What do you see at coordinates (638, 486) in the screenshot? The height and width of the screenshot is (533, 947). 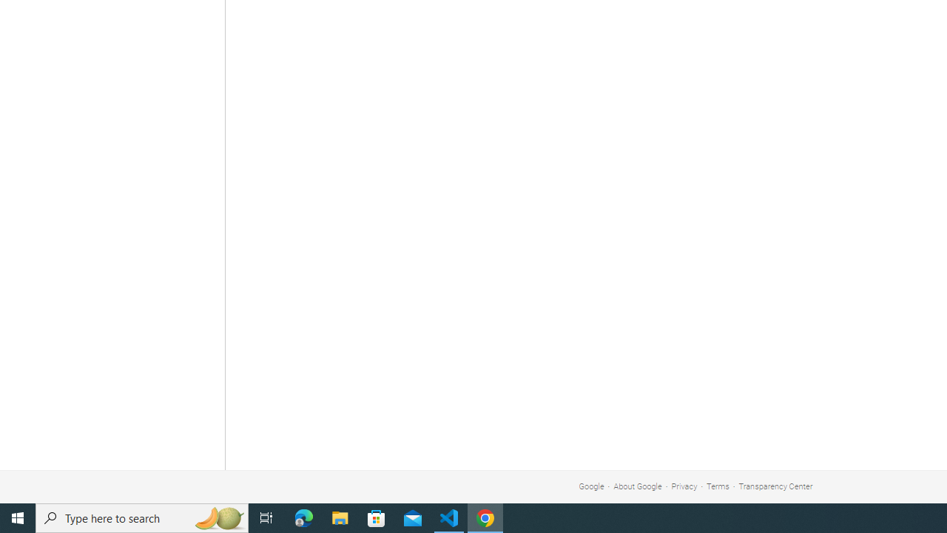 I see `'About Google'` at bounding box center [638, 486].